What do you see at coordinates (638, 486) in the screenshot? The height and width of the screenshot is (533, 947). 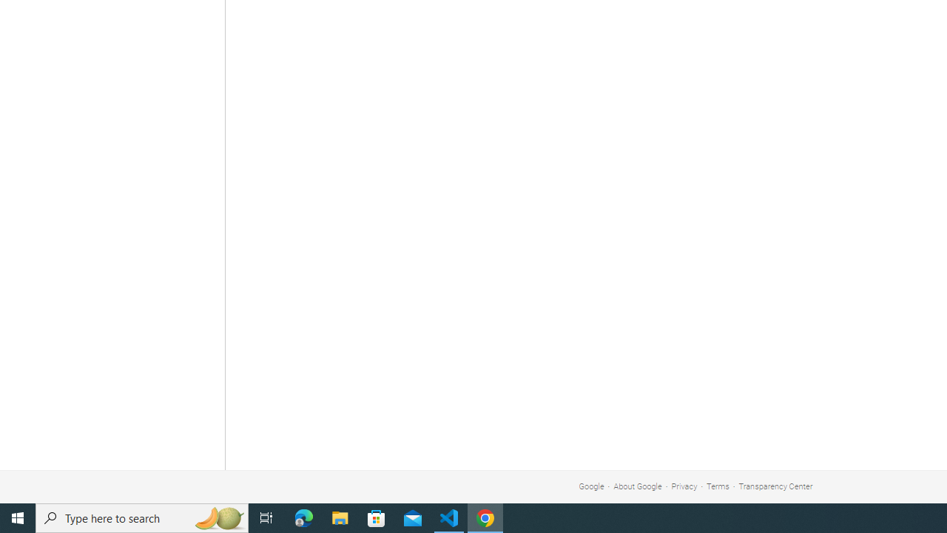 I see `'About Google'` at bounding box center [638, 486].